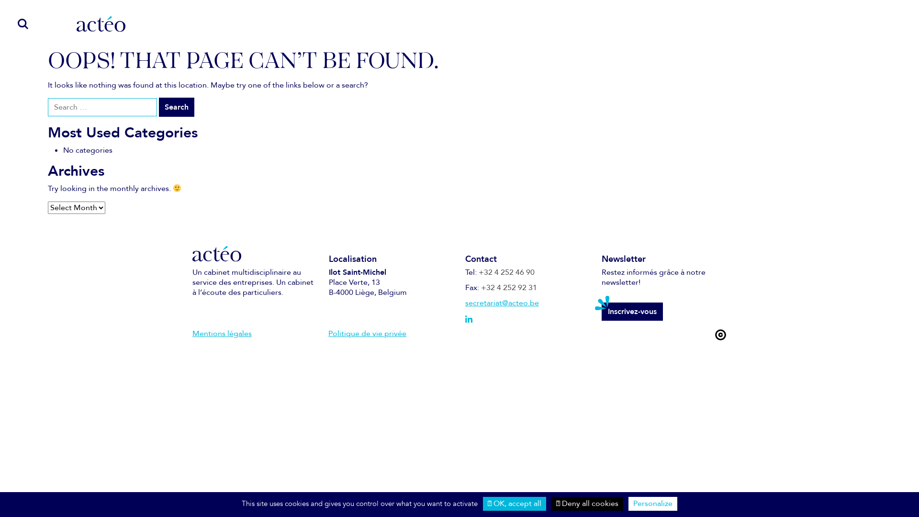 The width and height of the screenshot is (919, 517). What do you see at coordinates (514, 503) in the screenshot?
I see `'OK, accept all'` at bounding box center [514, 503].